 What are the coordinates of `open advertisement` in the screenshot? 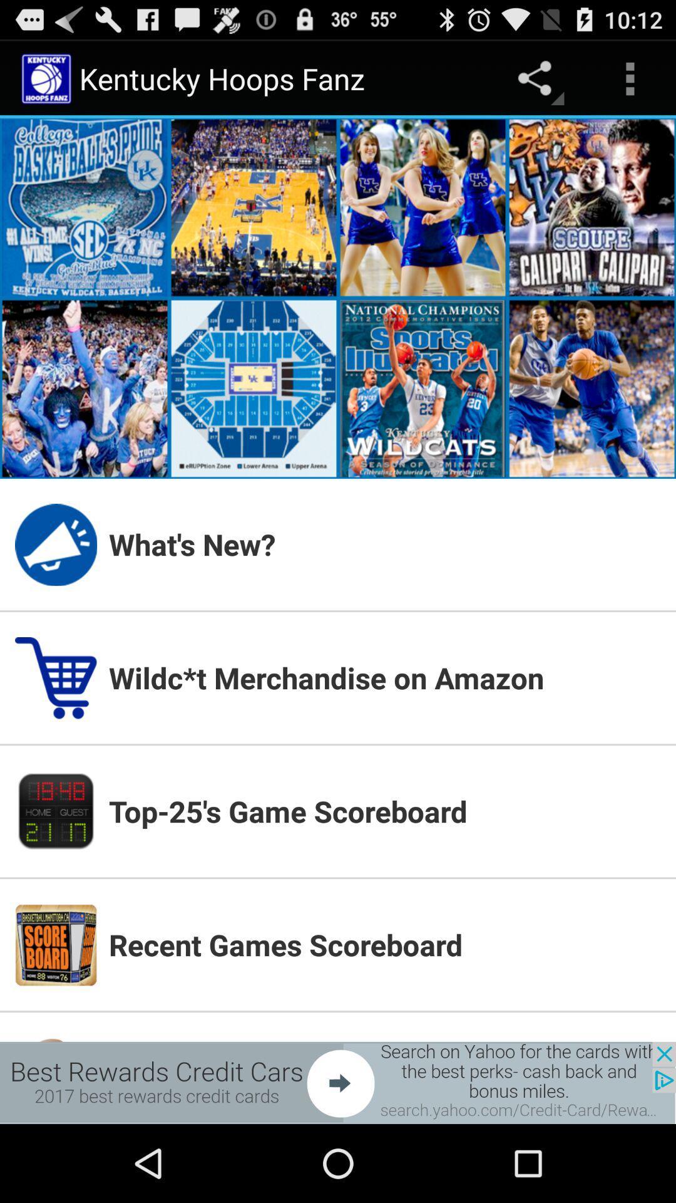 It's located at (338, 1082).